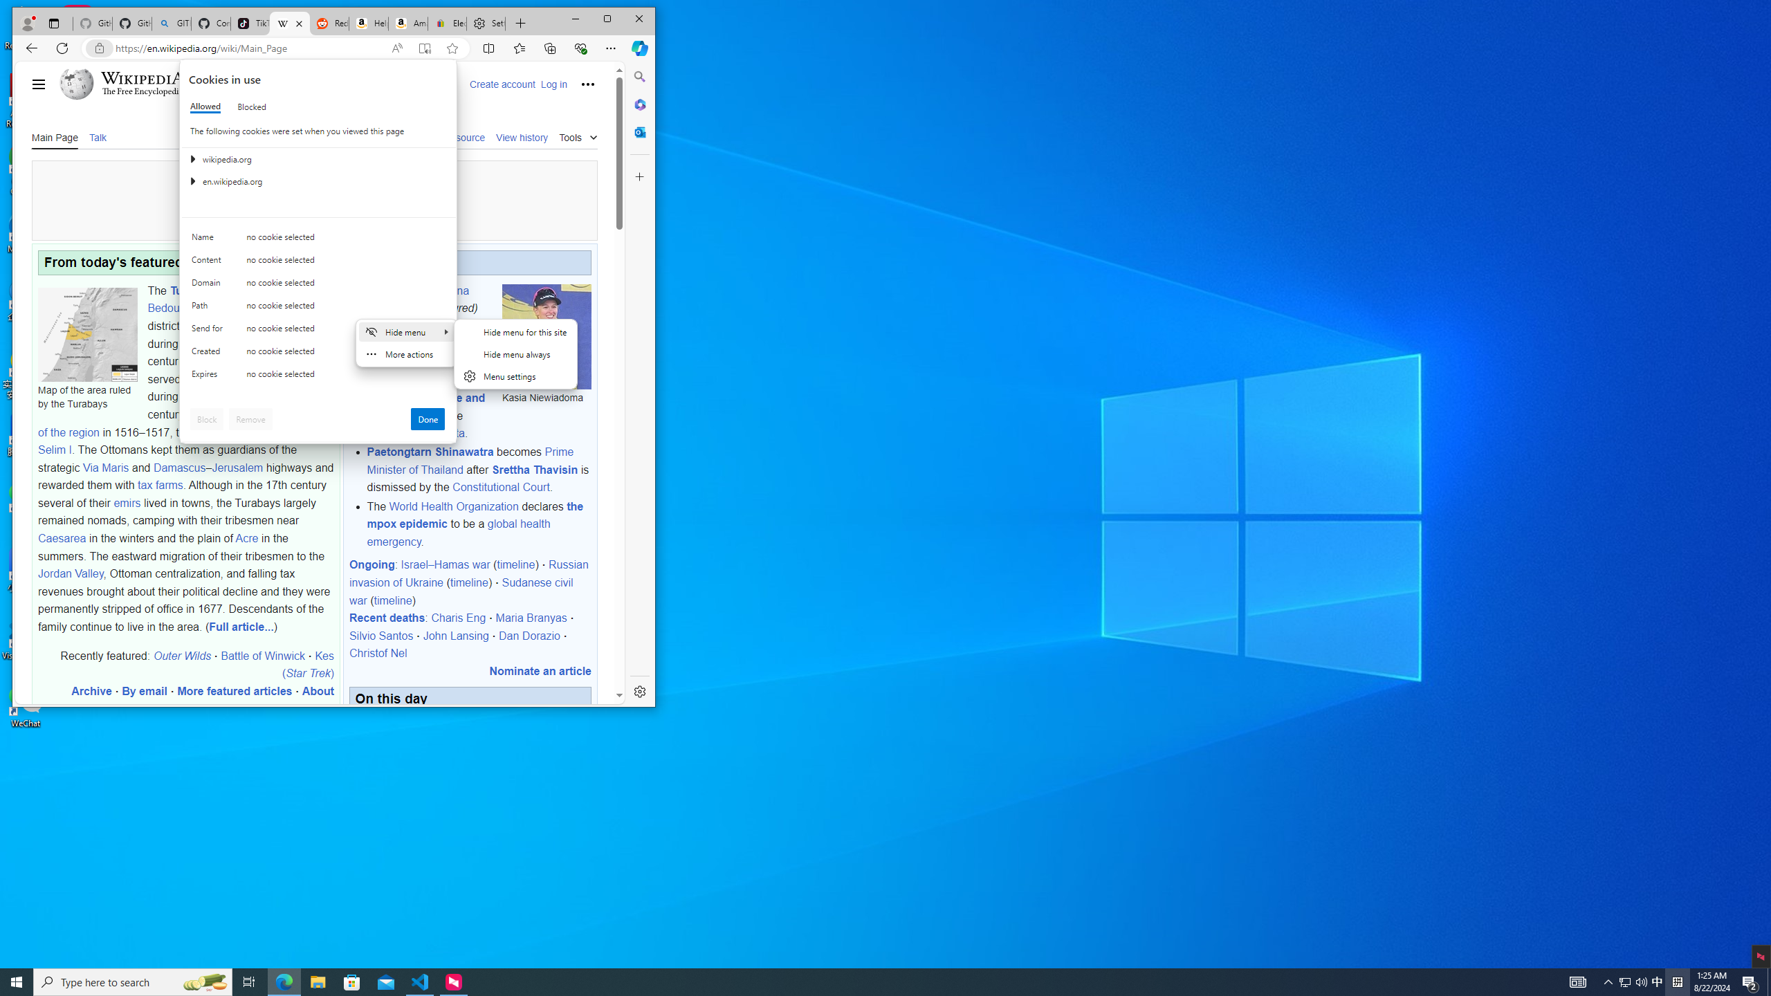 This screenshot has width=1771, height=996. Describe the element at coordinates (352, 981) in the screenshot. I see `'Microsoft Store'` at that location.